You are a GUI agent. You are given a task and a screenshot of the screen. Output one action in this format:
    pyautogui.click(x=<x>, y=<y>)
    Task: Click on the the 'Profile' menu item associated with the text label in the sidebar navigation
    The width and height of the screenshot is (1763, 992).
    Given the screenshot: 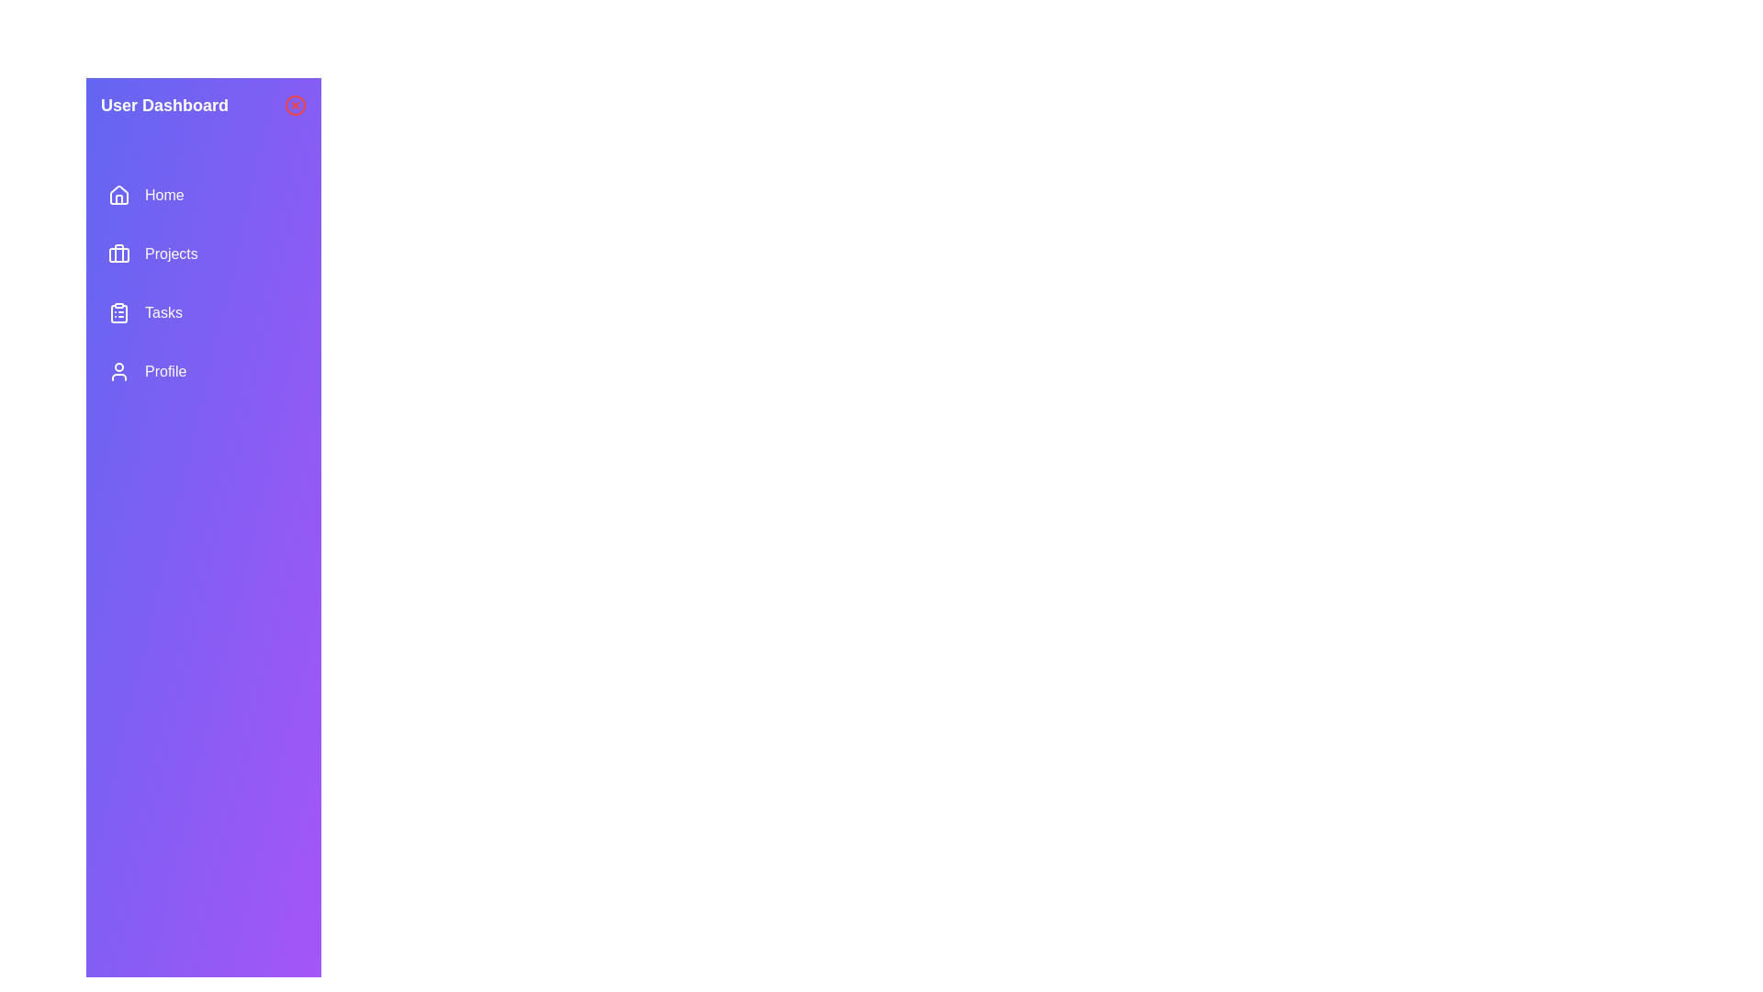 What is the action you would take?
    pyautogui.click(x=165, y=372)
    